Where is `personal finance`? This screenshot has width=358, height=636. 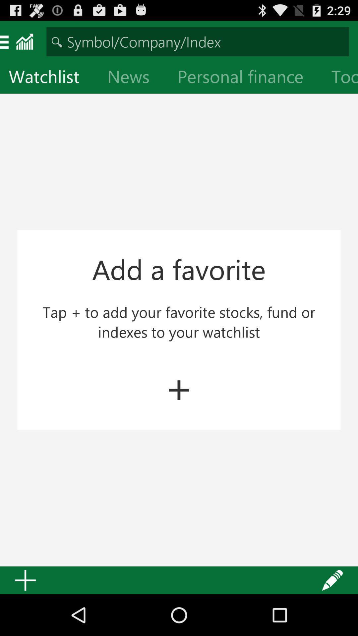 personal finance is located at coordinates (246, 78).